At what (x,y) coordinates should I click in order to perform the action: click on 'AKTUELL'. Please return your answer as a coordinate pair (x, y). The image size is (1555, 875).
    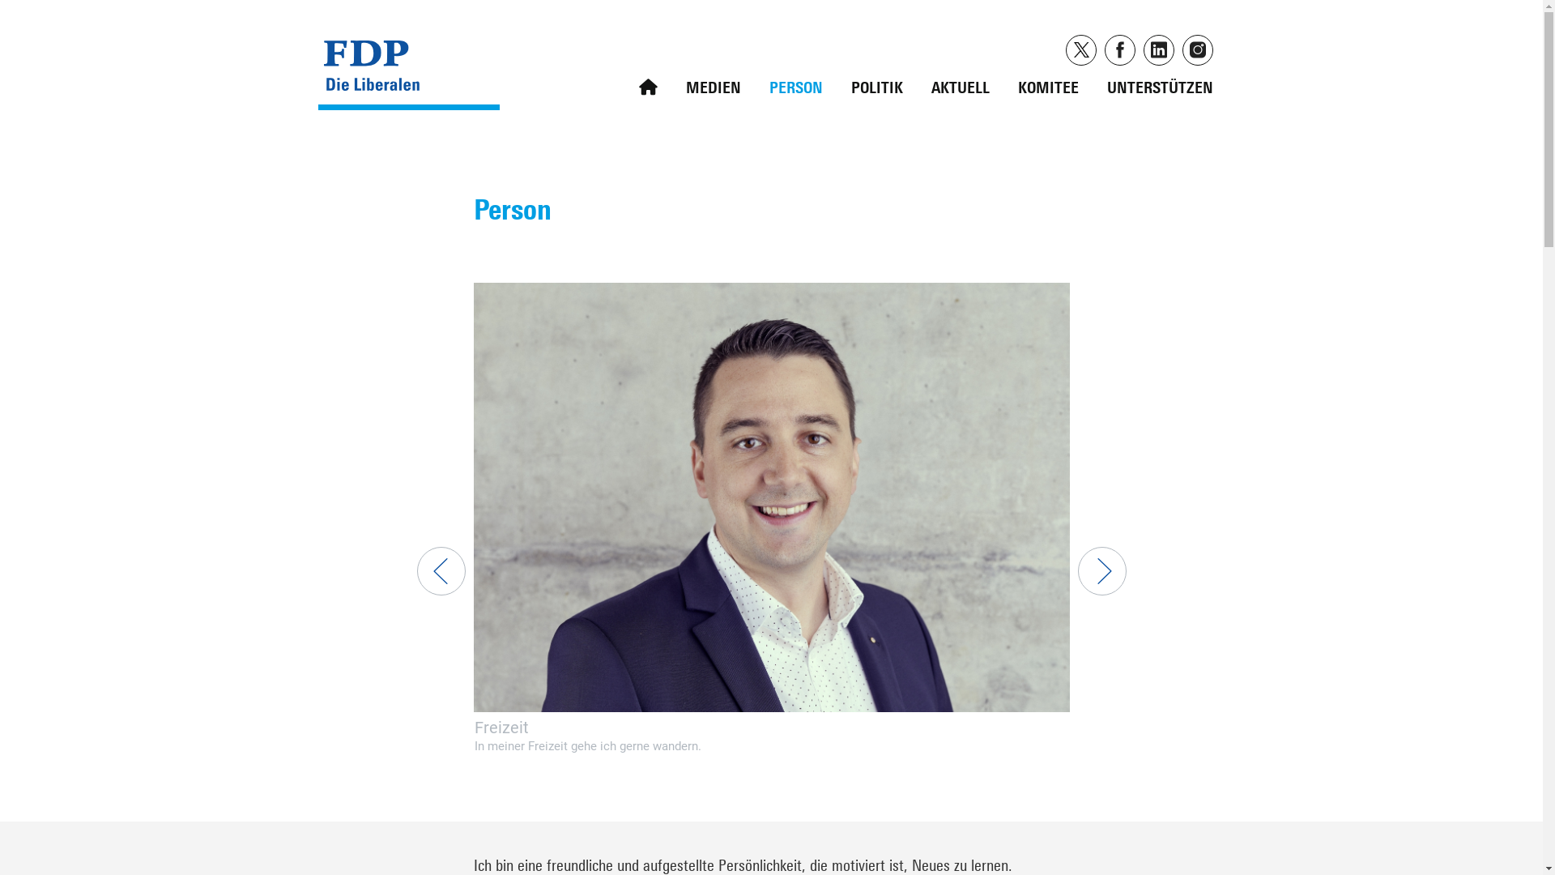
    Looking at the image, I should click on (960, 83).